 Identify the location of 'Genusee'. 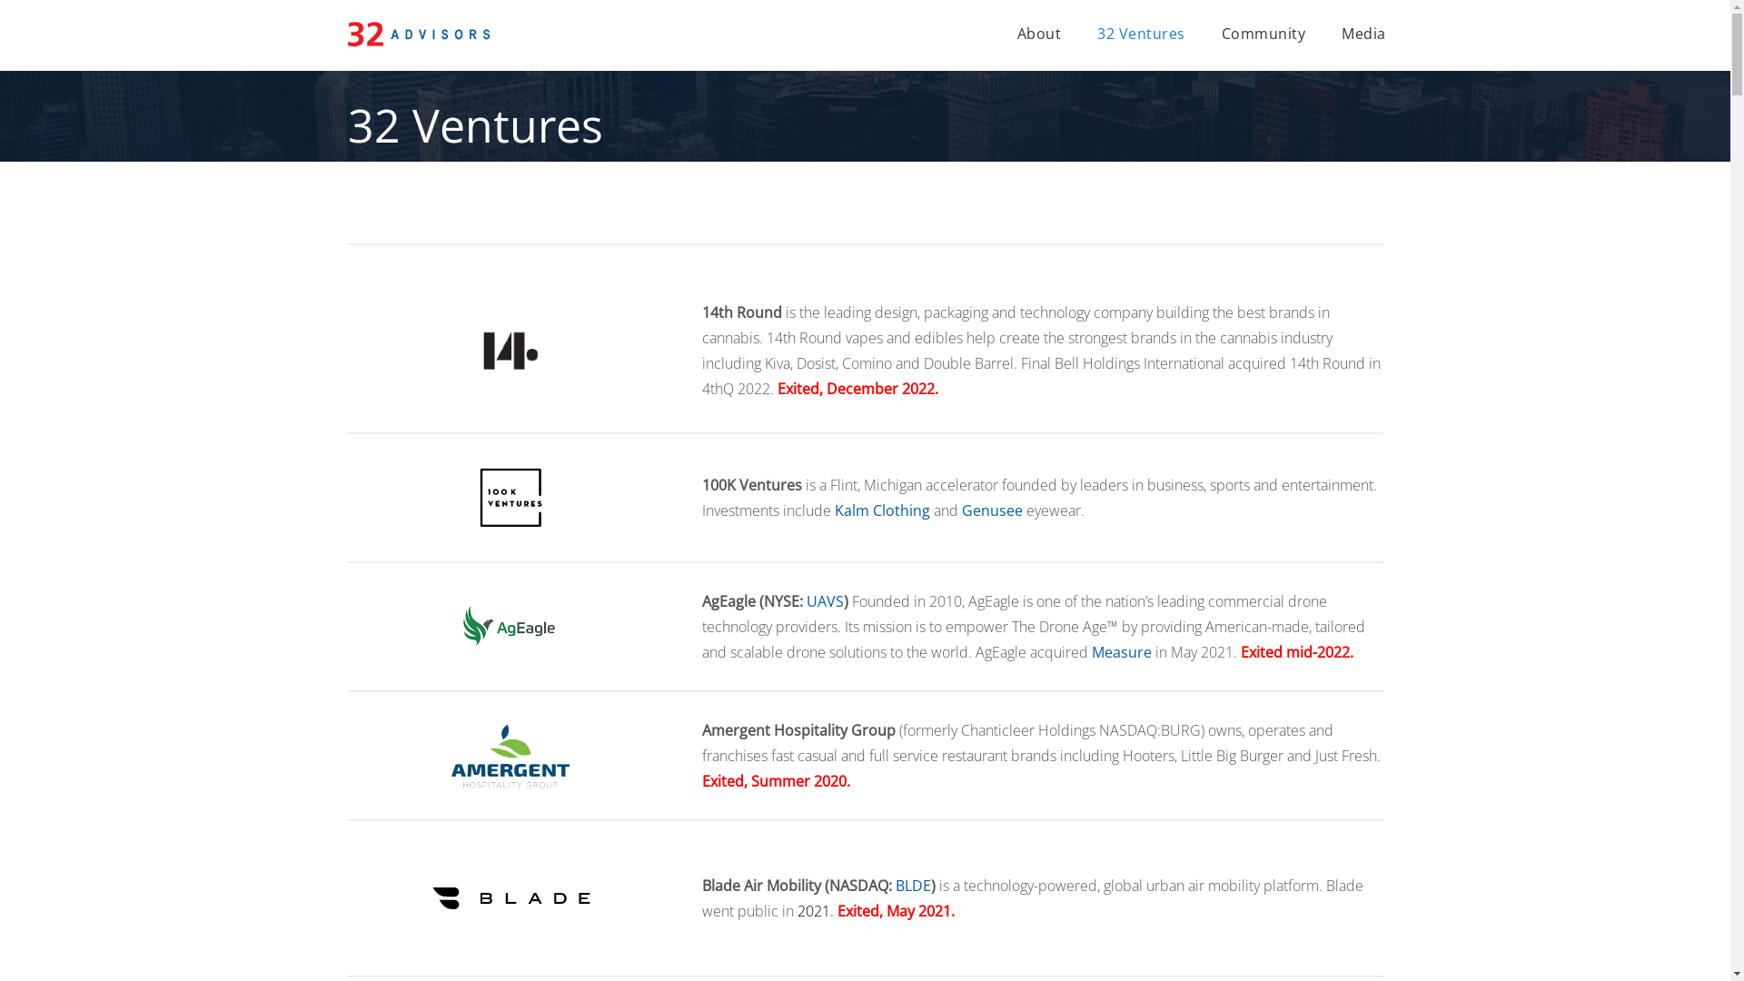
(959, 510).